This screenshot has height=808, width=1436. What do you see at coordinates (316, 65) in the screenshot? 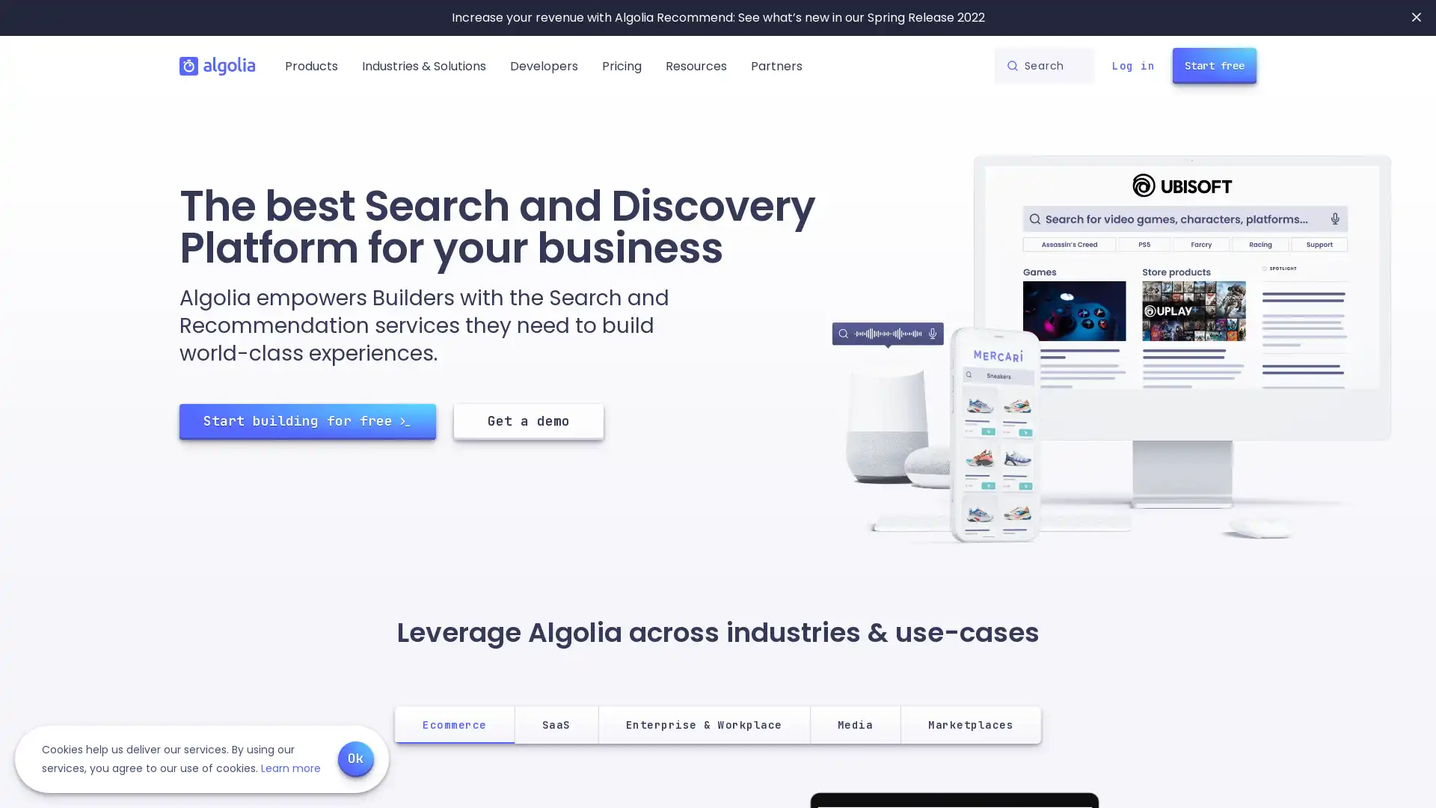
I see `Products` at bounding box center [316, 65].